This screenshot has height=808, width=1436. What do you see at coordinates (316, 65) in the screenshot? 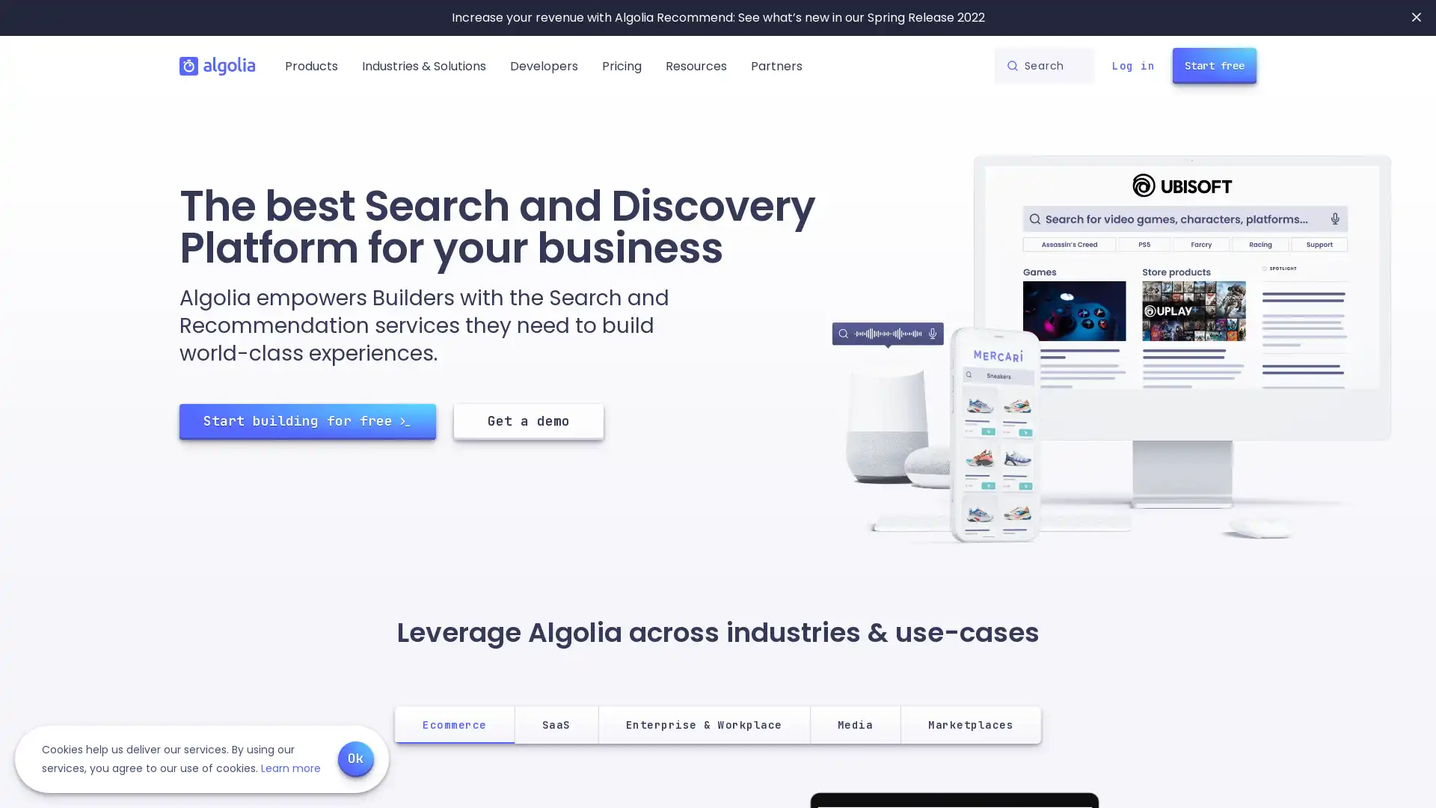
I see `Products` at bounding box center [316, 65].